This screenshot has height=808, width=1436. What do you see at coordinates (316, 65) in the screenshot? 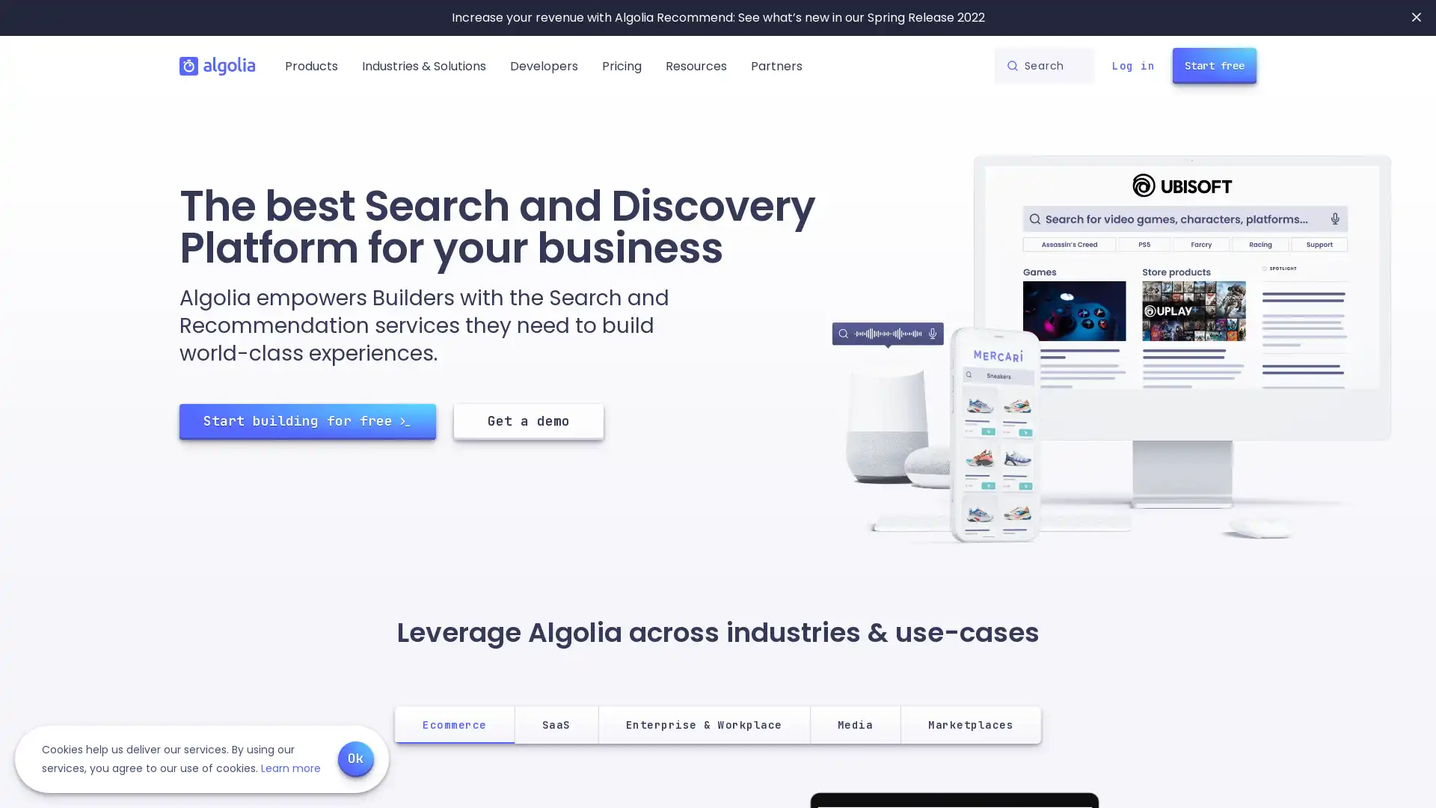
I see `Products` at bounding box center [316, 65].